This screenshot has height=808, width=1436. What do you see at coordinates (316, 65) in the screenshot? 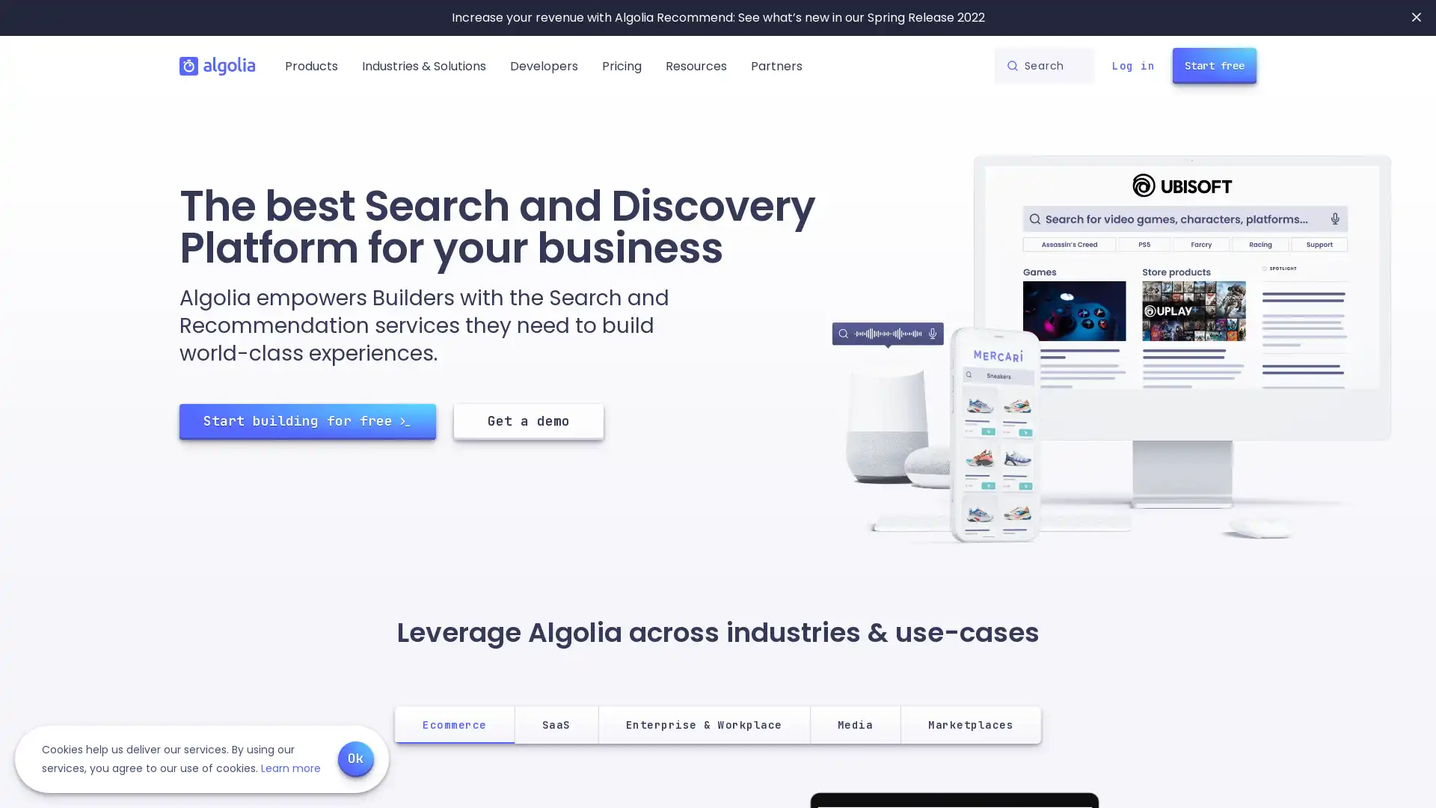
I see `Products` at bounding box center [316, 65].